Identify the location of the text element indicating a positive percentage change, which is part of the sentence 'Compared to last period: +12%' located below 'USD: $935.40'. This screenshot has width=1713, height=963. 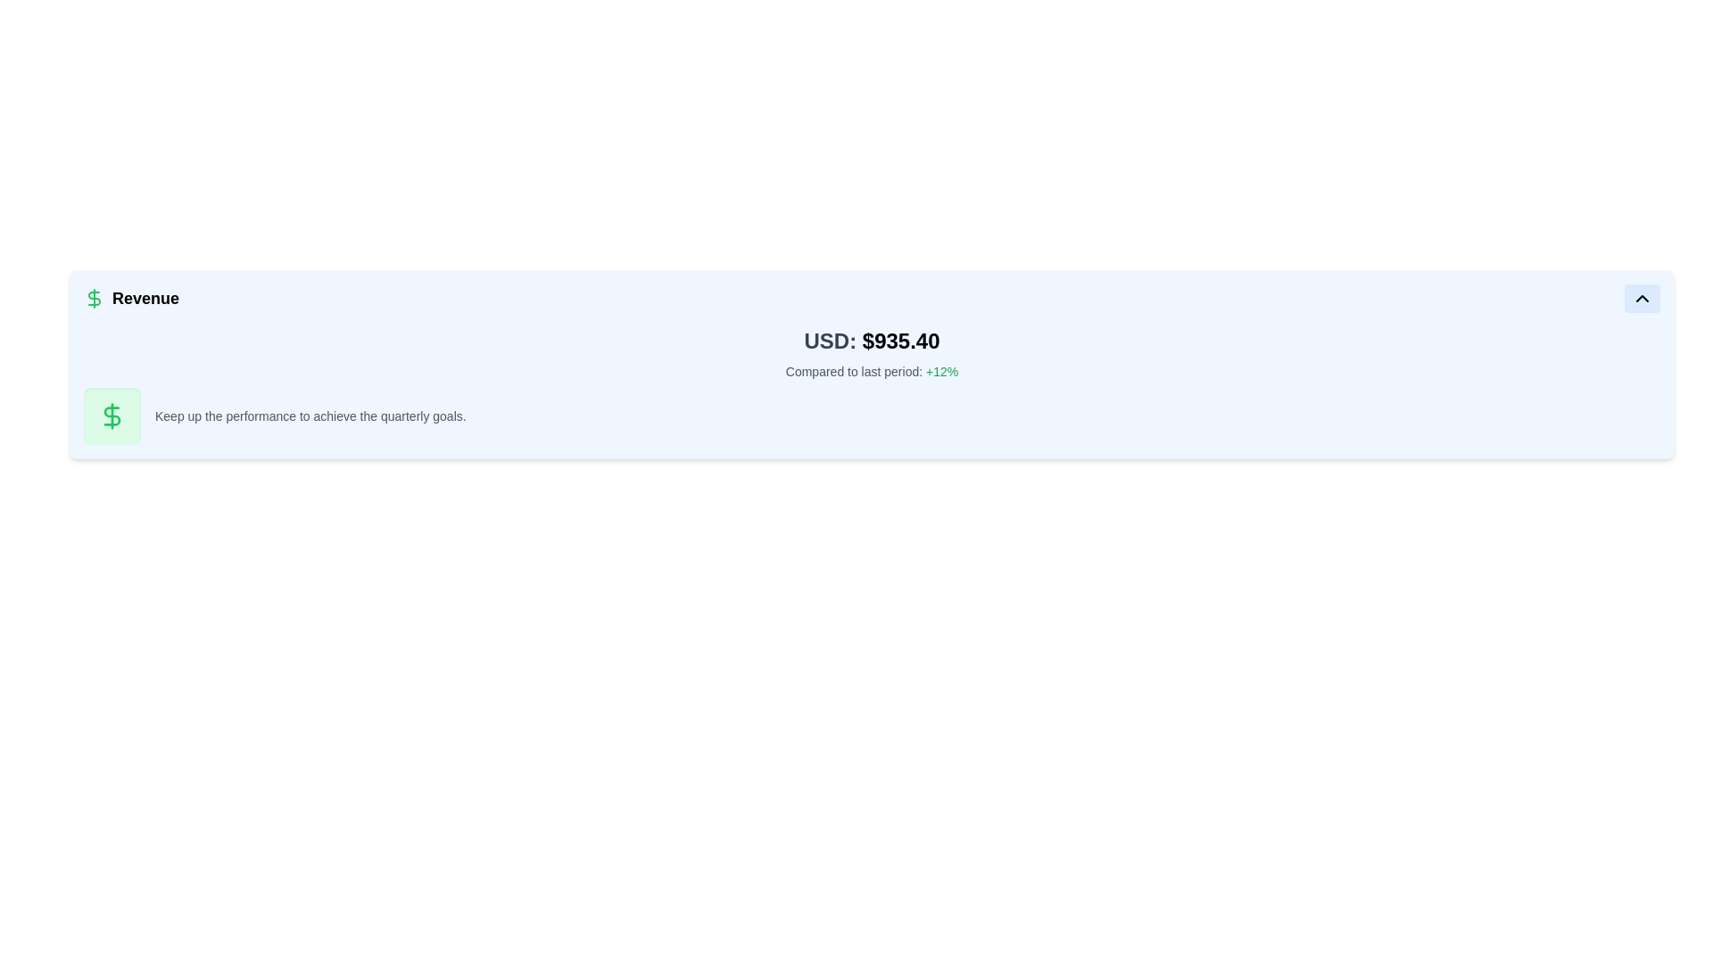
(941, 370).